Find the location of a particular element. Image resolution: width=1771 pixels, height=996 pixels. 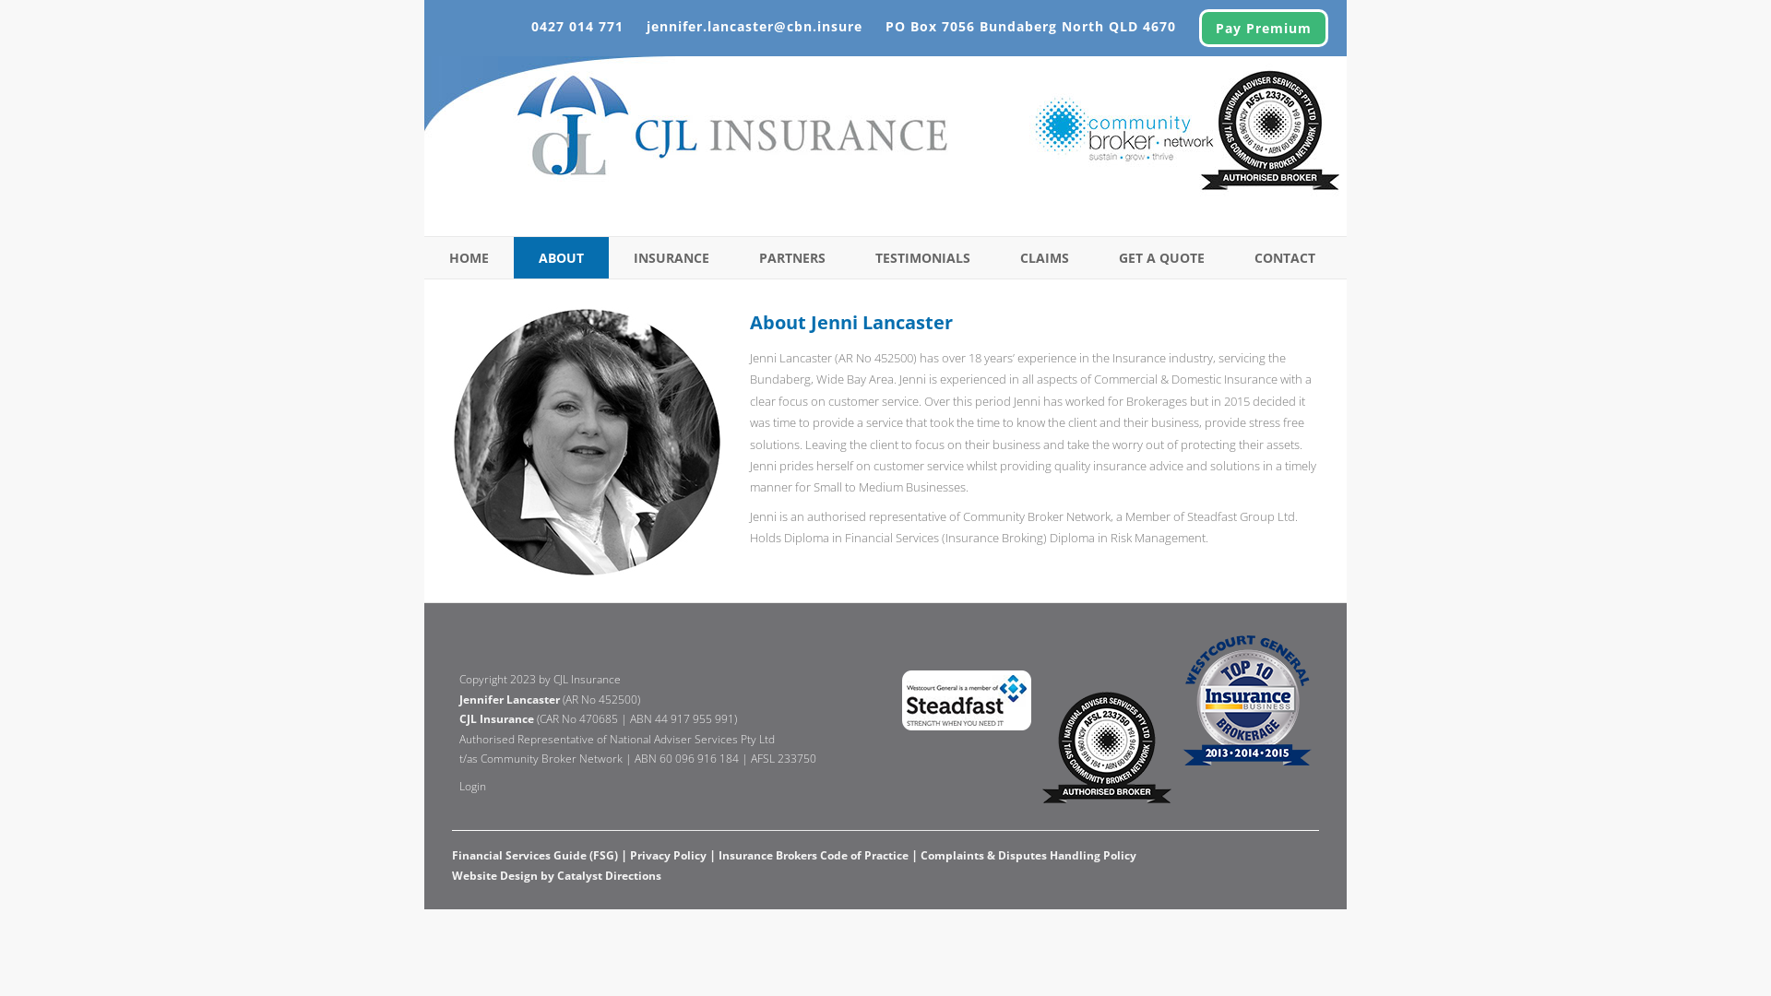

'Insurance Brokers Code of Practice' is located at coordinates (717, 855).